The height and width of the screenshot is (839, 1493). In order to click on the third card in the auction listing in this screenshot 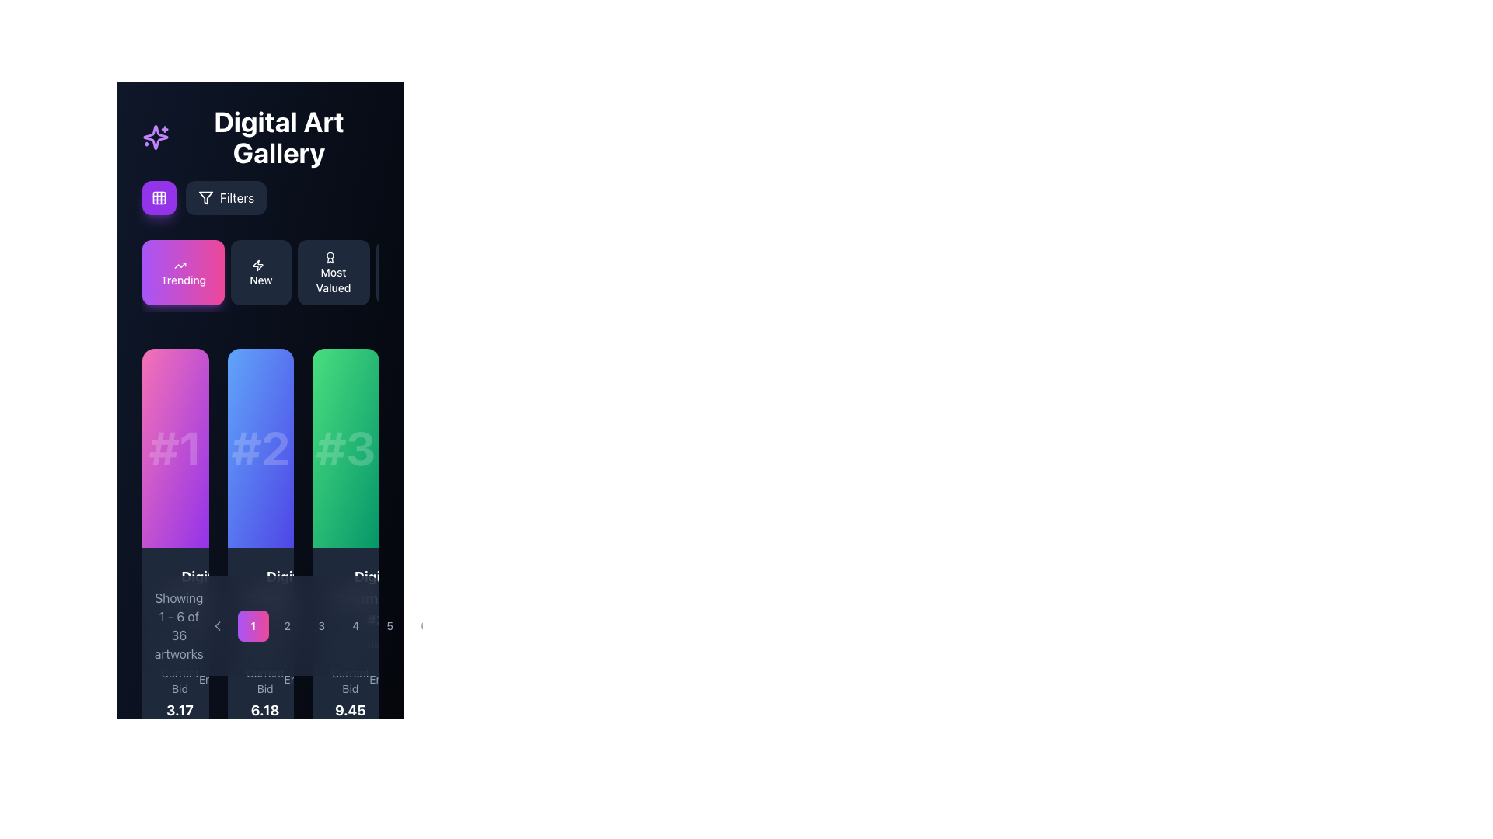, I will do `click(345, 593)`.